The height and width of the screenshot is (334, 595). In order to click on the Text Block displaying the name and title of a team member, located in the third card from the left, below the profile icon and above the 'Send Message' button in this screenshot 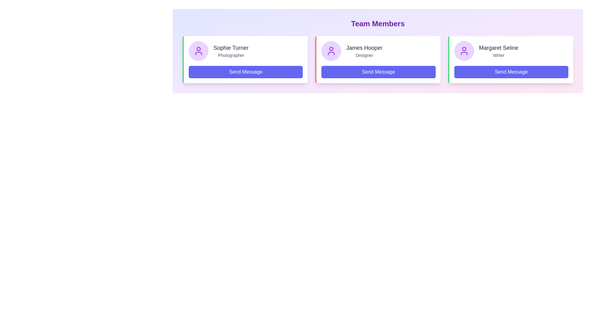, I will do `click(499, 51)`.